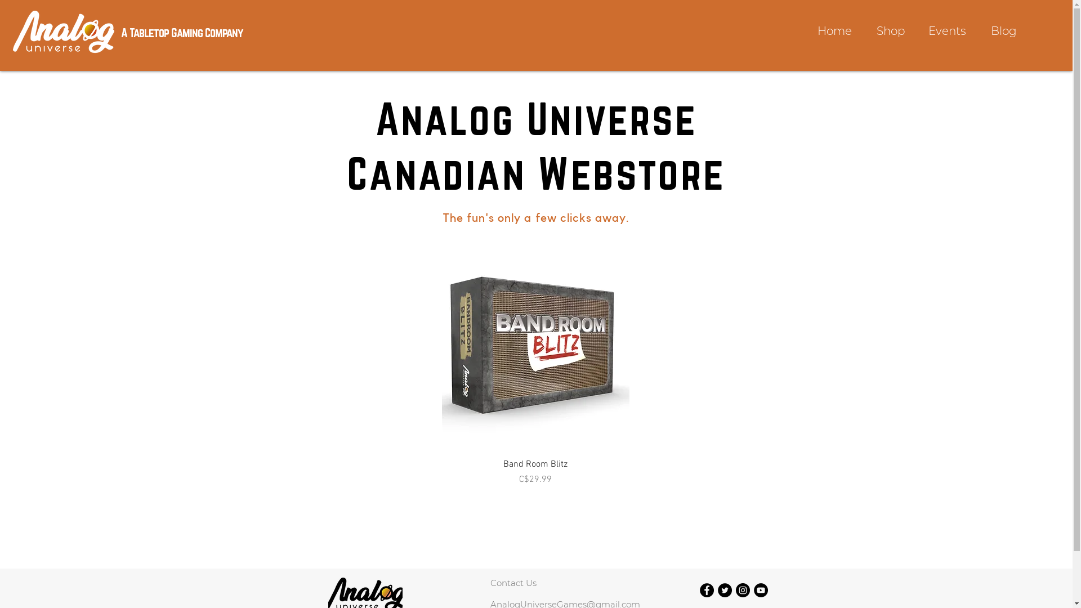 Image resolution: width=1081 pixels, height=608 pixels. I want to click on 'Band Room Blitz, so click(534, 472).